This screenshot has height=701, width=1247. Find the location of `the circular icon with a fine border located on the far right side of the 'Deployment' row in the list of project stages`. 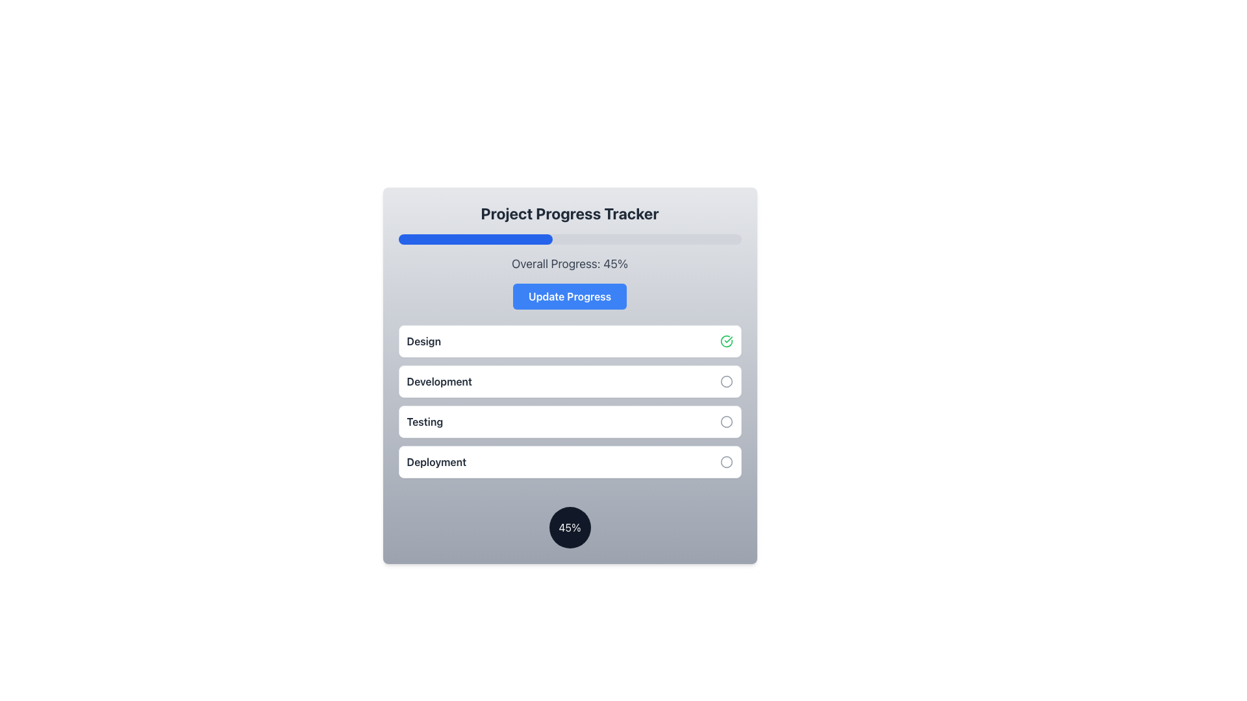

the circular icon with a fine border located on the far right side of the 'Deployment' row in the list of project stages is located at coordinates (725, 461).